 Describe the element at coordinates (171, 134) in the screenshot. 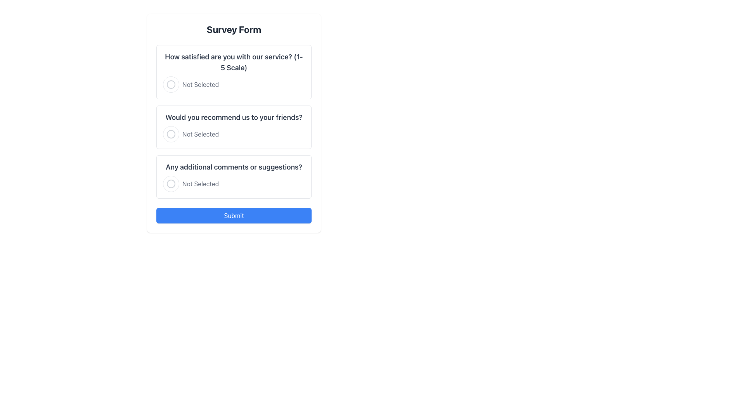

I see `the second SVG Circle element that serves as a visual indicator in the survey layout` at that location.